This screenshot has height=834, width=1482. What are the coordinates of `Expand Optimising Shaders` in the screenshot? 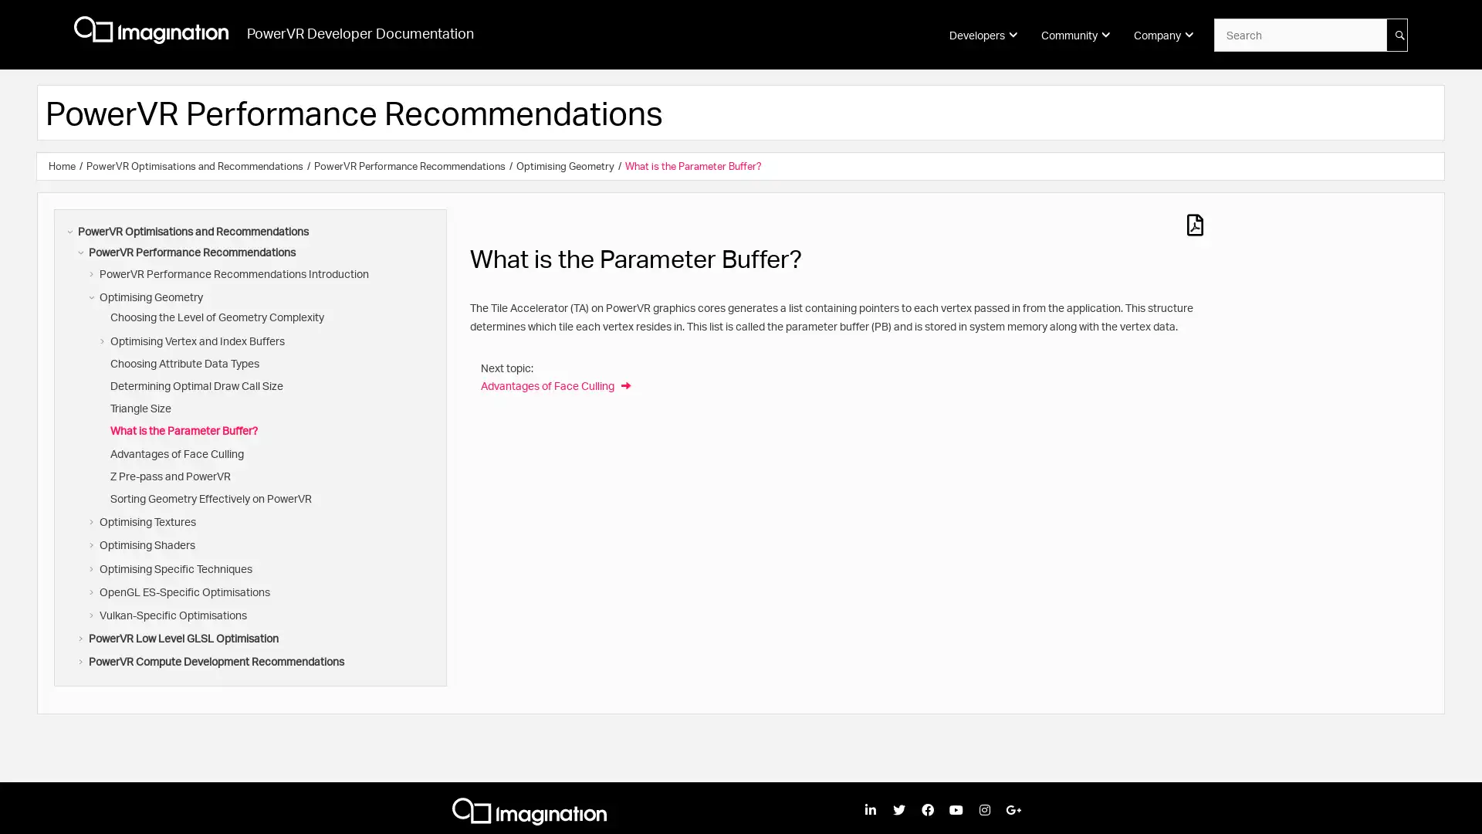 It's located at (92, 544).